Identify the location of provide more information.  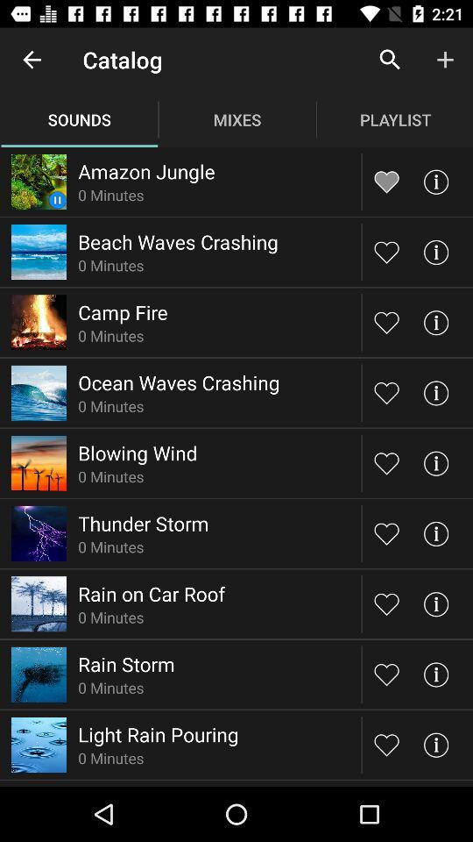
(434, 462).